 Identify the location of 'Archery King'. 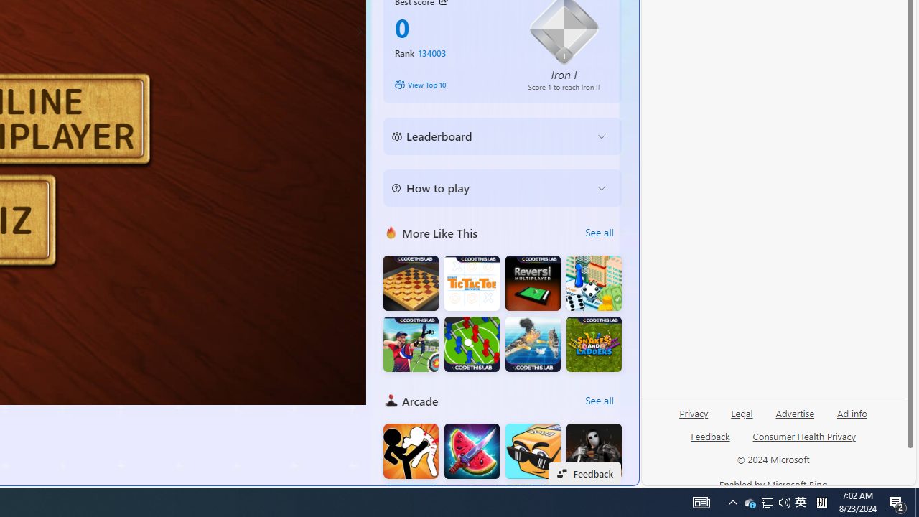
(410, 344).